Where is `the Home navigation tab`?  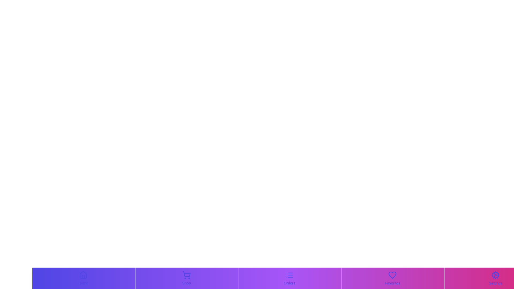 the Home navigation tab is located at coordinates (83, 278).